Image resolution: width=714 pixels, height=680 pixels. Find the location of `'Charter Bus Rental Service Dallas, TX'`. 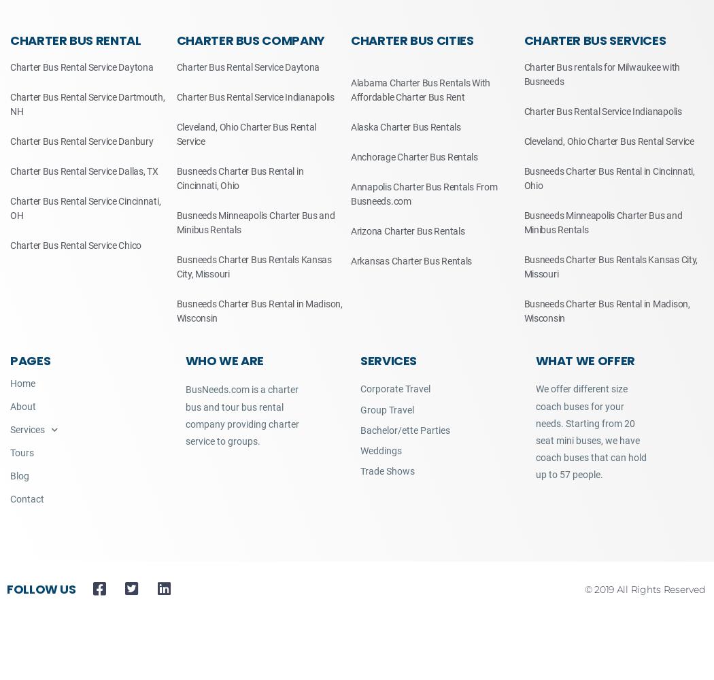

'Charter Bus Rental Service Dallas, TX' is located at coordinates (83, 171).